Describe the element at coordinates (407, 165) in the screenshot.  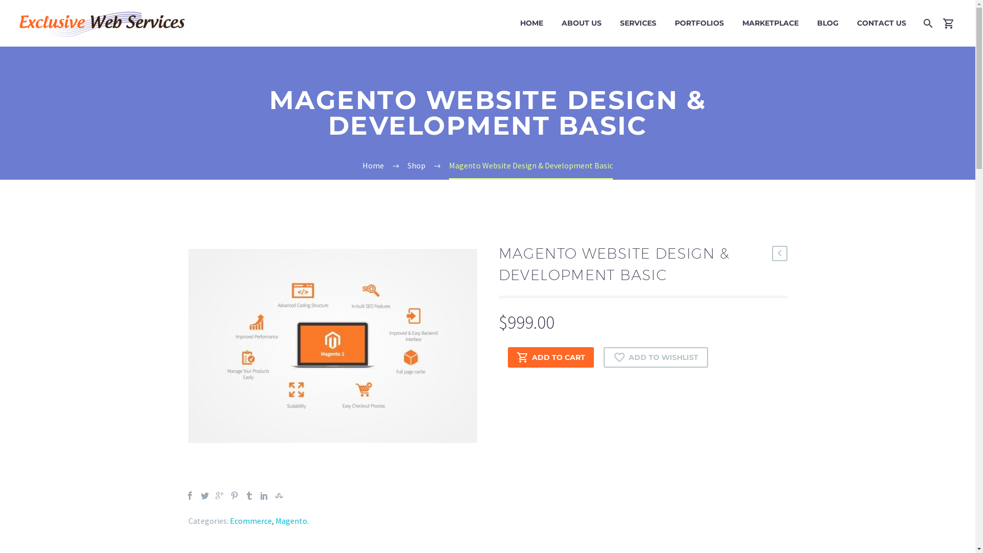
I see `'Shop'` at that location.